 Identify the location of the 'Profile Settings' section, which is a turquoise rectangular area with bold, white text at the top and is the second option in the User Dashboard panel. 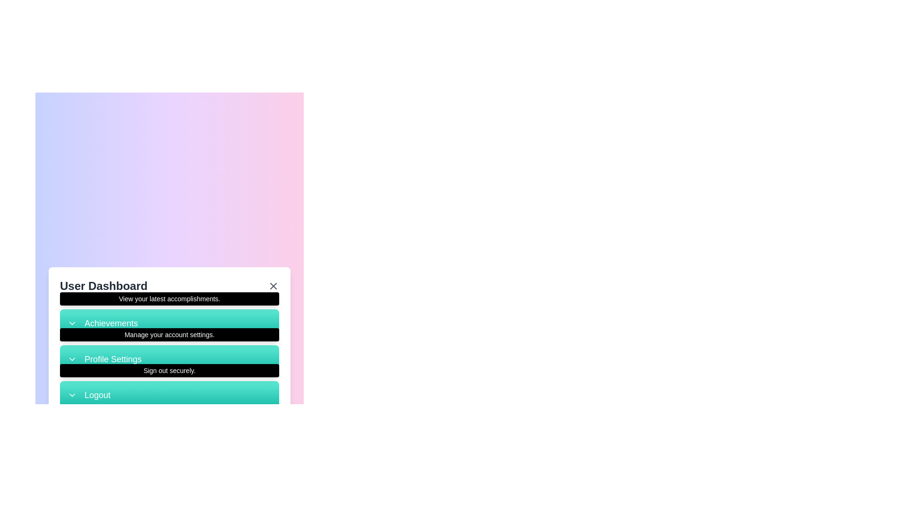
(170, 359).